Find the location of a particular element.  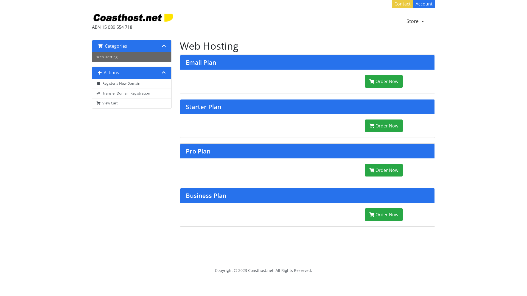

'  Register a New Domain' is located at coordinates (132, 84).